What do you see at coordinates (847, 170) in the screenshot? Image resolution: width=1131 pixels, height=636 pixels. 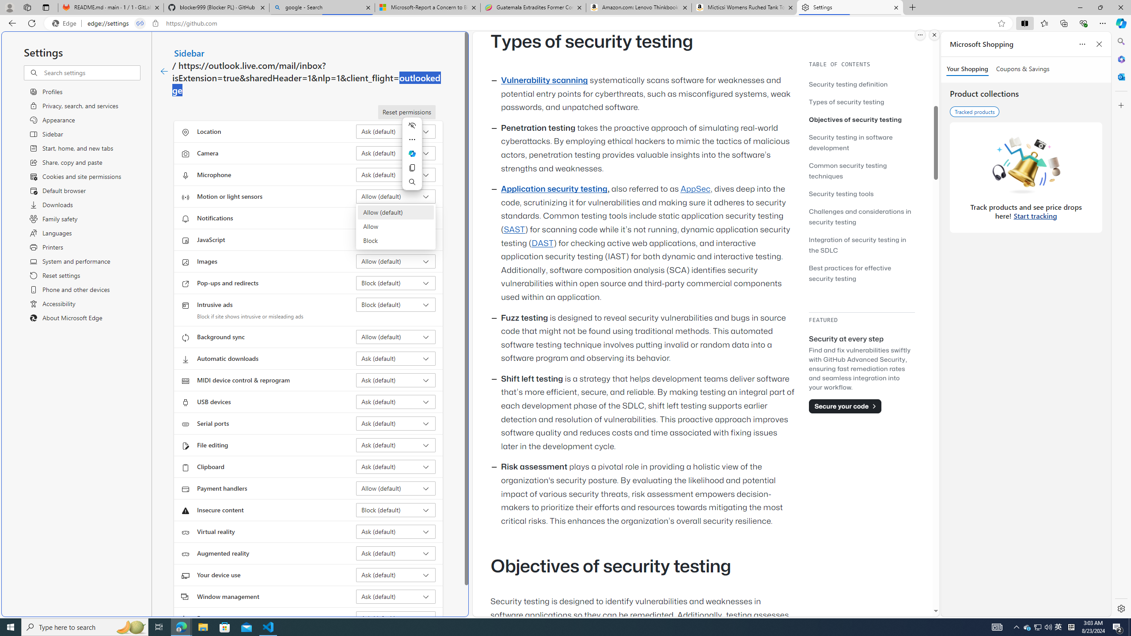 I see `'Common security testing techniques'` at bounding box center [847, 170].